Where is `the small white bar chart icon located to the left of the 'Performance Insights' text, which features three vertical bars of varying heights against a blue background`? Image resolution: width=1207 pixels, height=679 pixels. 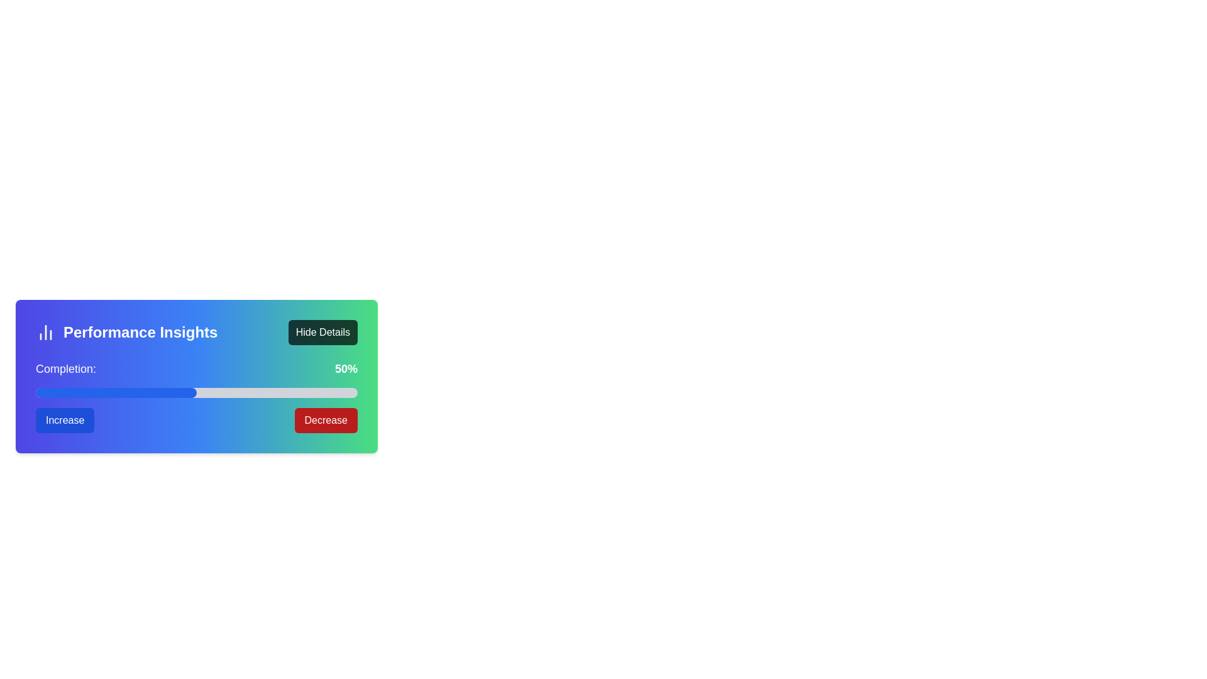
the small white bar chart icon located to the left of the 'Performance Insights' text, which features three vertical bars of varying heights against a blue background is located at coordinates (45, 331).